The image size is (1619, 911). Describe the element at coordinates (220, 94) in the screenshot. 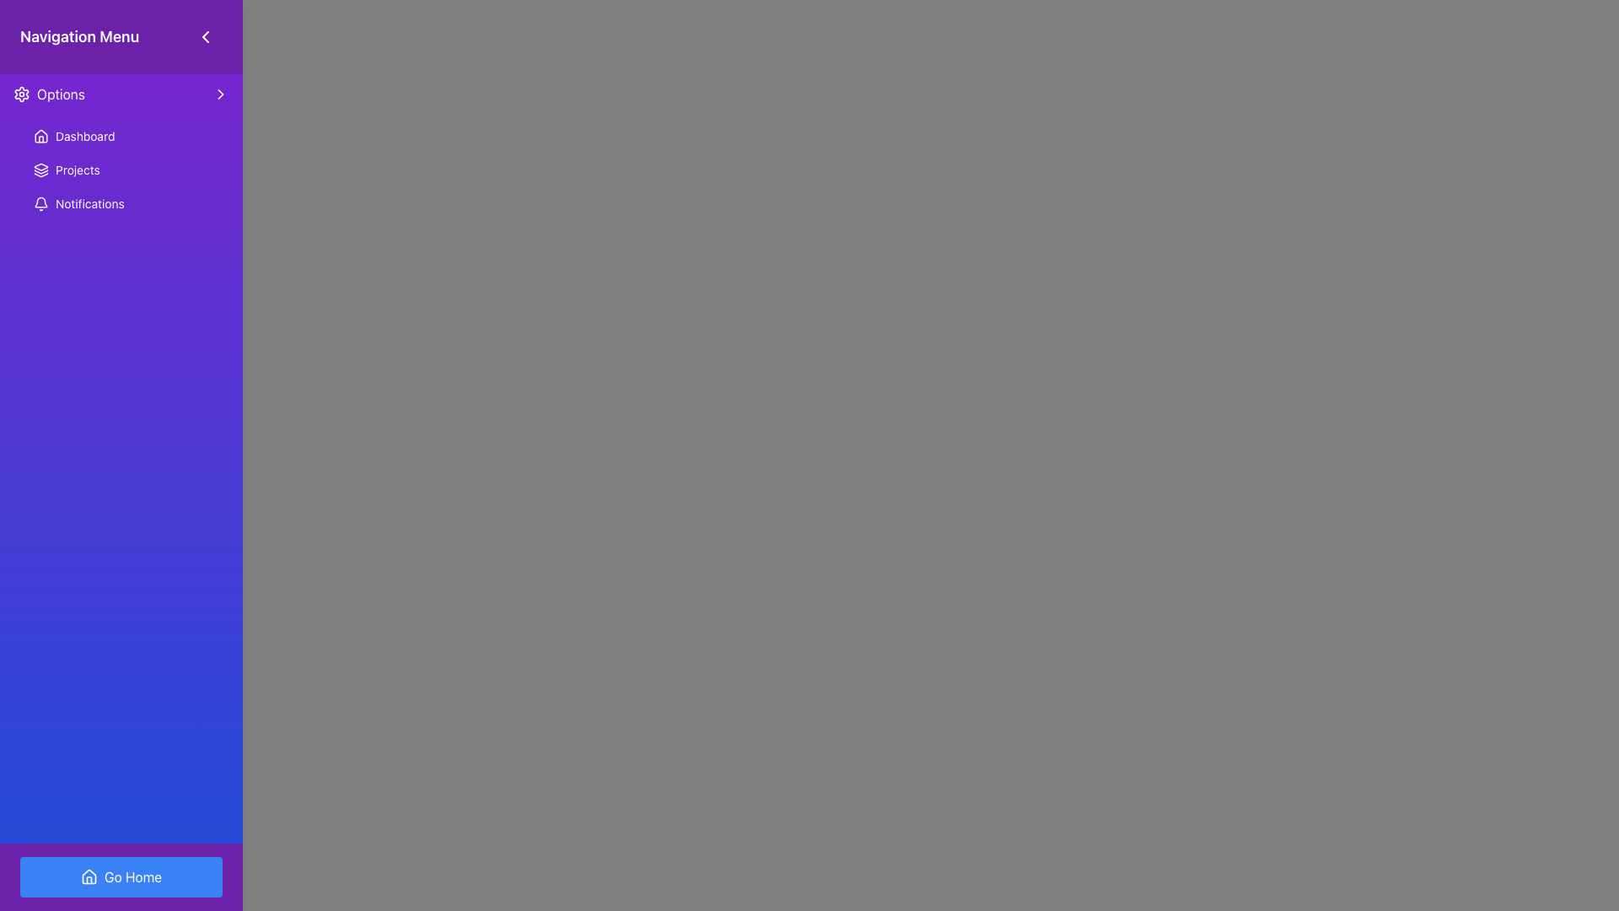

I see `the chevron icon located to the far right of the 'Options' text` at that location.